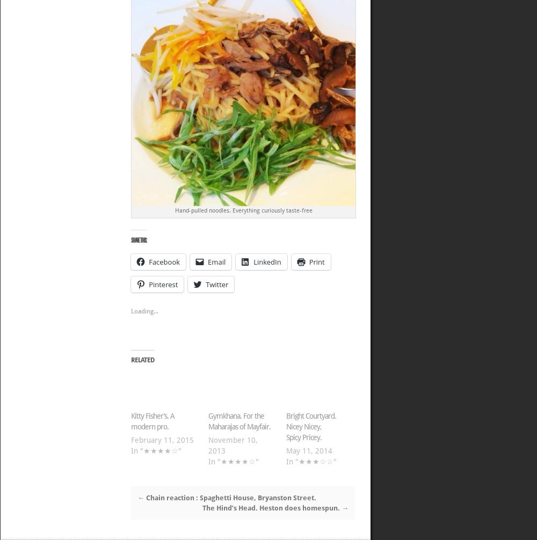  Describe the element at coordinates (216, 261) in the screenshot. I see `'Email'` at that location.